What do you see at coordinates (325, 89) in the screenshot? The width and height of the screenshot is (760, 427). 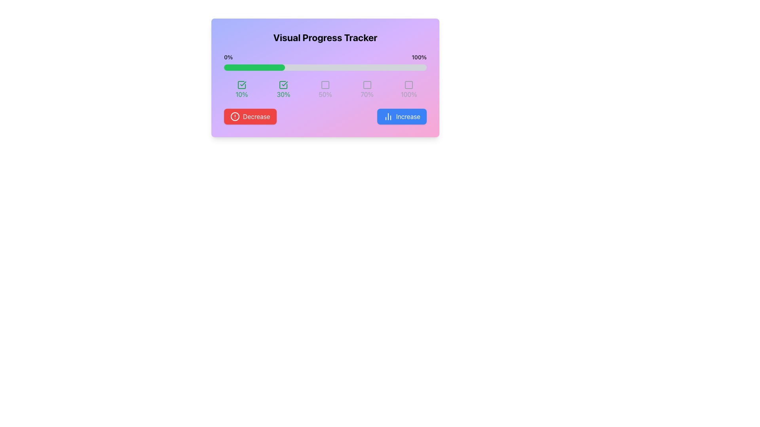 I see `the label displaying '50%' with a gray square icon, which is the third element in a row of five within the progress tracker interface` at bounding box center [325, 89].